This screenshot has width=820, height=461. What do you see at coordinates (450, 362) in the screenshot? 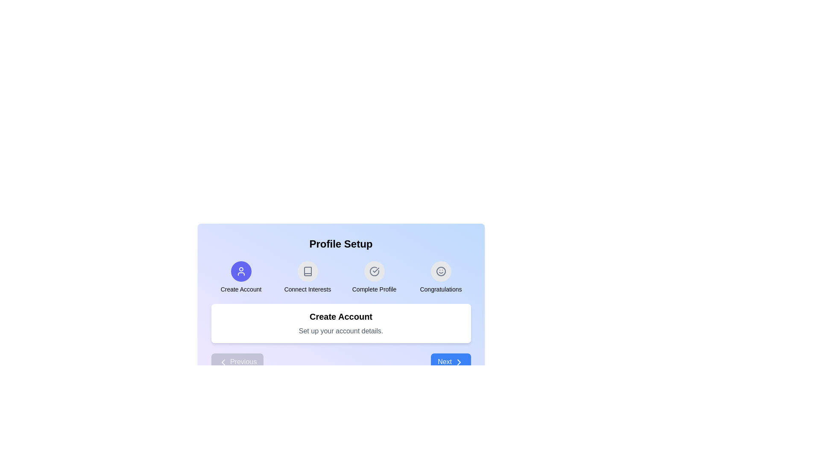
I see `the Next button to navigate stages` at bounding box center [450, 362].